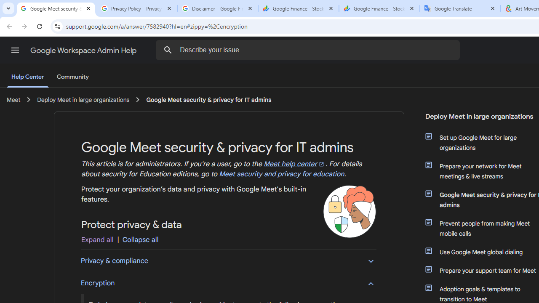  I want to click on 'Google Workspace Admin Help', so click(84, 50).